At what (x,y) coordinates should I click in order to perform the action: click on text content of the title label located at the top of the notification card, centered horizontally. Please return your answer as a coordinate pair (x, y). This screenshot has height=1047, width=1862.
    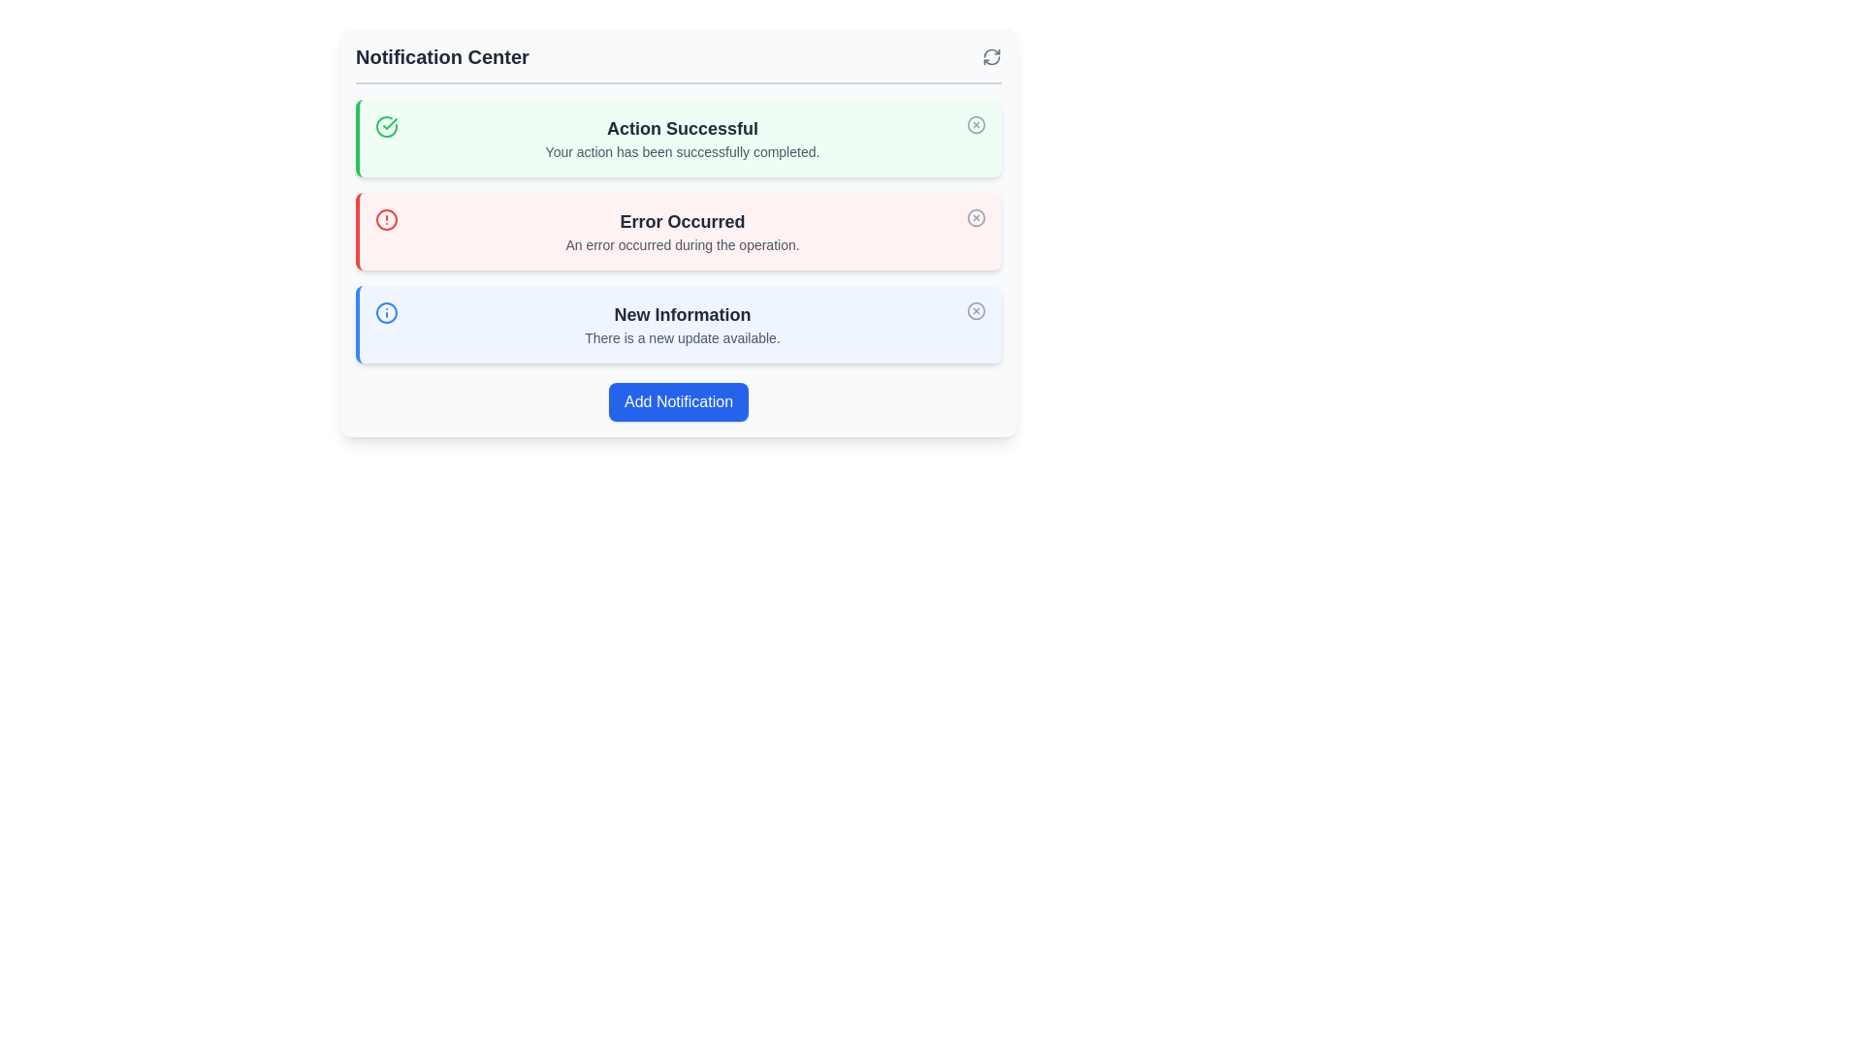
    Looking at the image, I should click on (683, 128).